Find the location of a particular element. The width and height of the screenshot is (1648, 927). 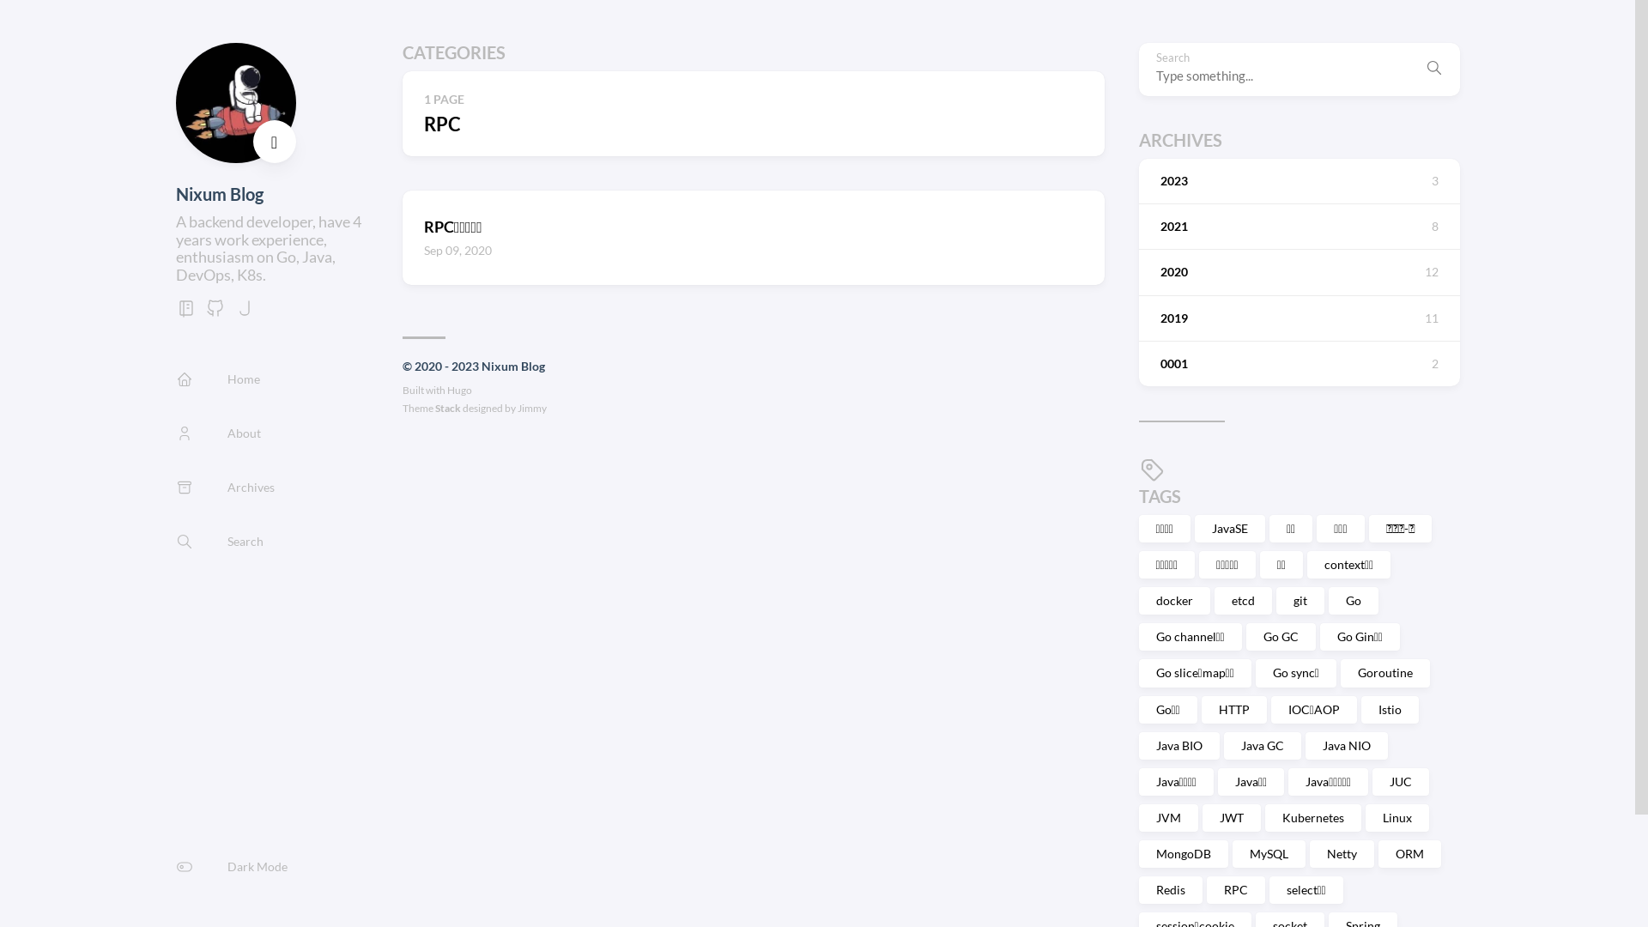

'Java NIO' is located at coordinates (1345, 744).